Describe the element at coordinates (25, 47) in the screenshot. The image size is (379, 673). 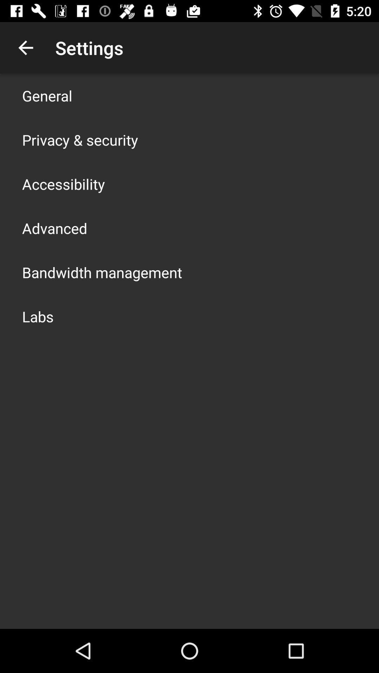
I see `item to the left of the settings item` at that location.